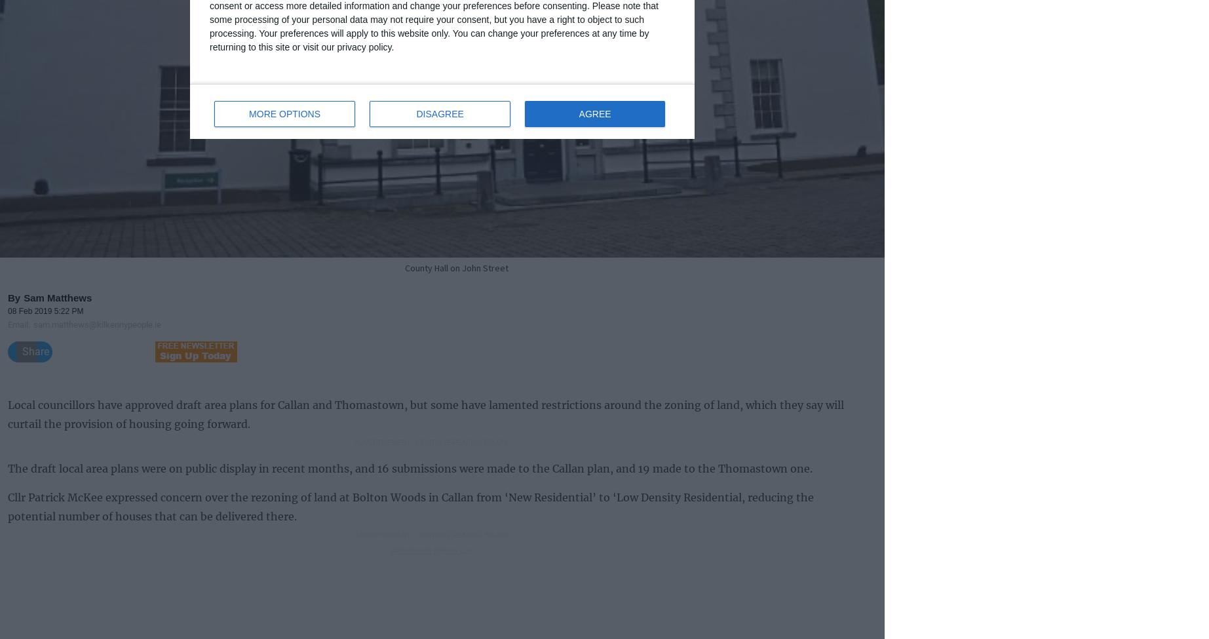 The width and height of the screenshot is (1209, 639). I want to click on 'The draft local area plans were on public display in recent months, and 16 submissions were made to the Callan plan, and 19 made to the Thomastown one.', so click(410, 467).